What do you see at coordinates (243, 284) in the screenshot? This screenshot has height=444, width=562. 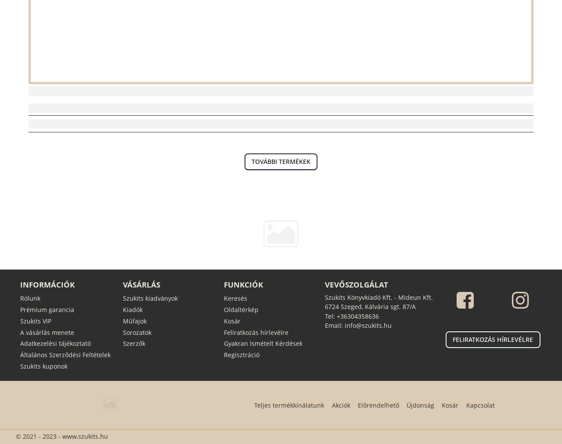 I see `'Funkciók'` at bounding box center [243, 284].